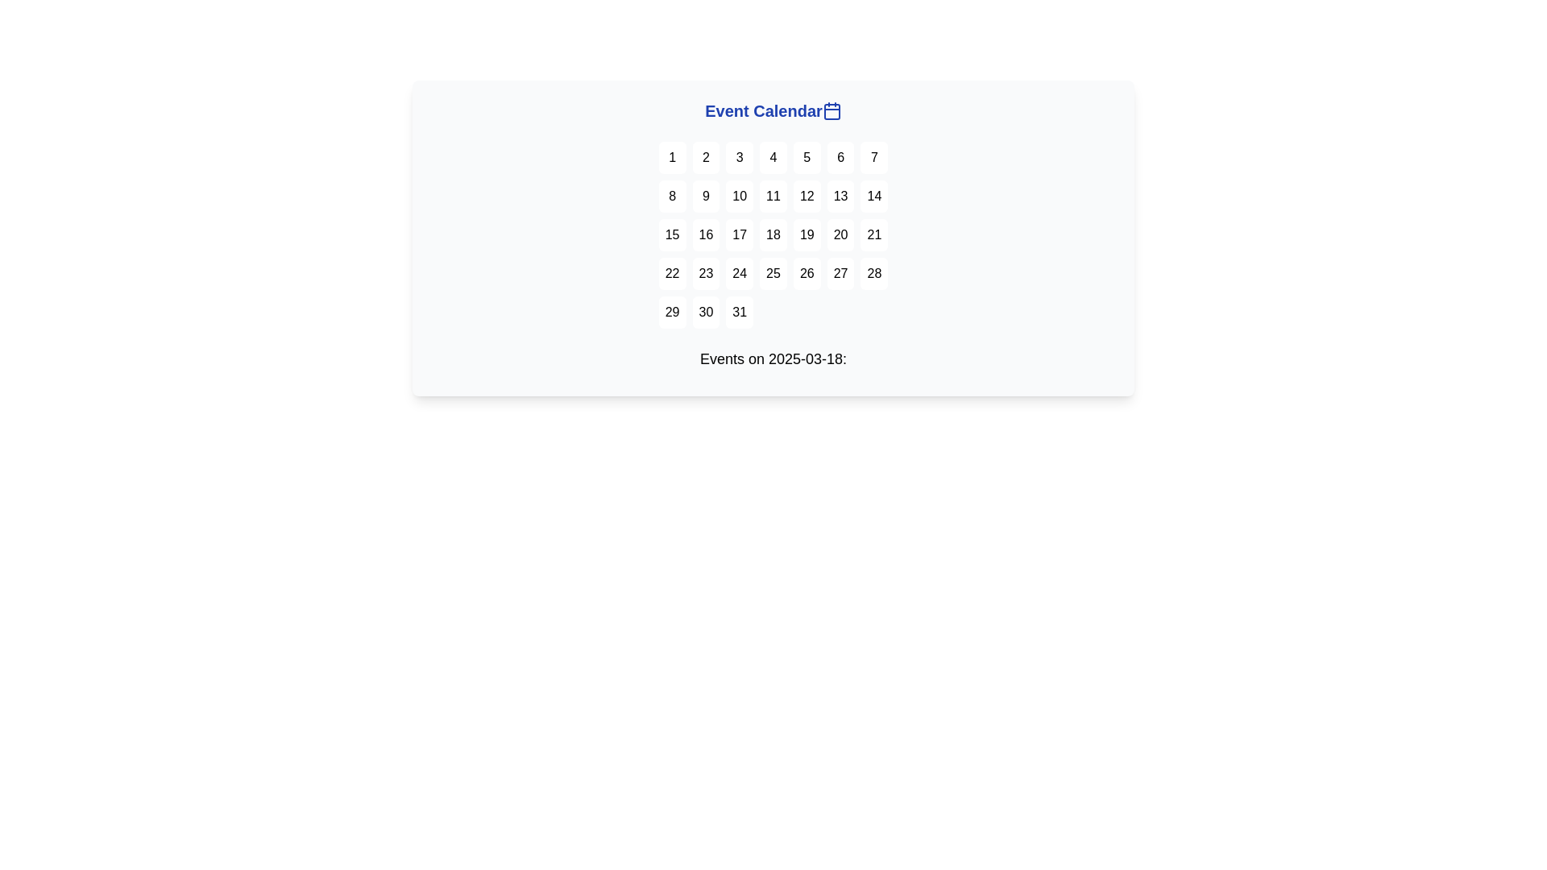 This screenshot has height=870, width=1547. I want to click on the button displaying '22' in bold black font, located in the first column of the fourth row in the calendar grid, so click(672, 272).